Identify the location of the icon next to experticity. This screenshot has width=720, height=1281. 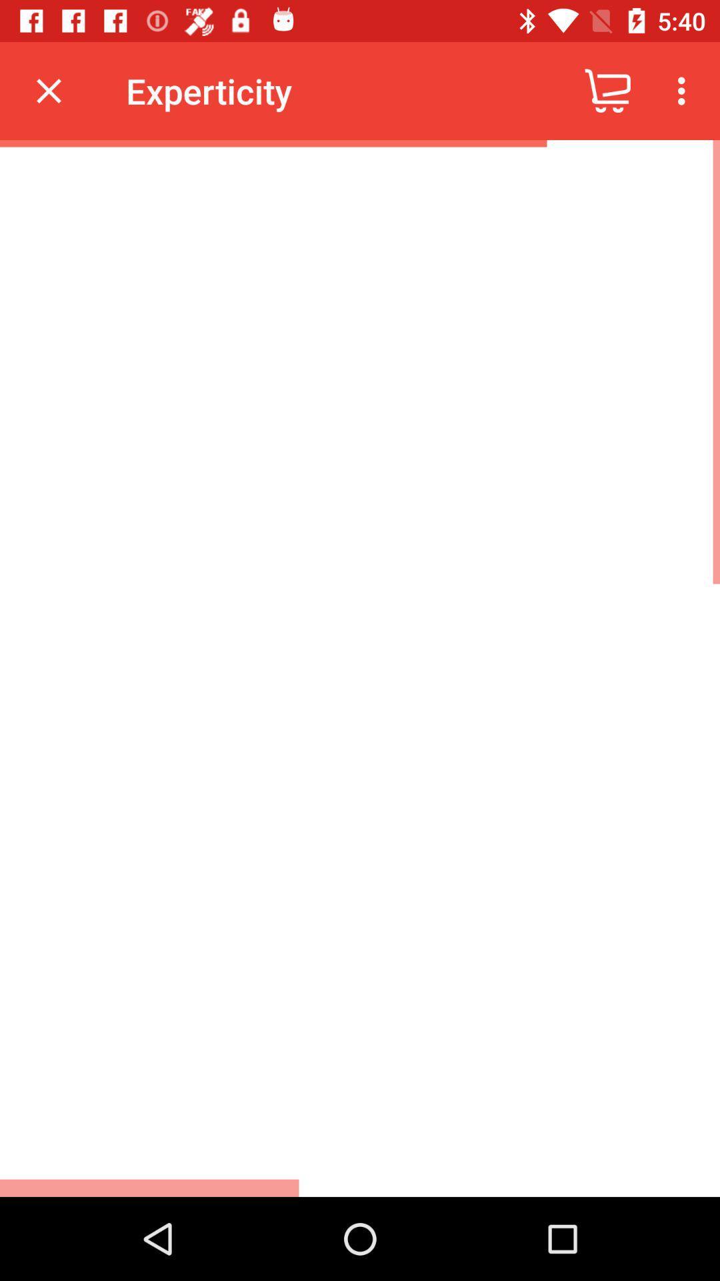
(607, 90).